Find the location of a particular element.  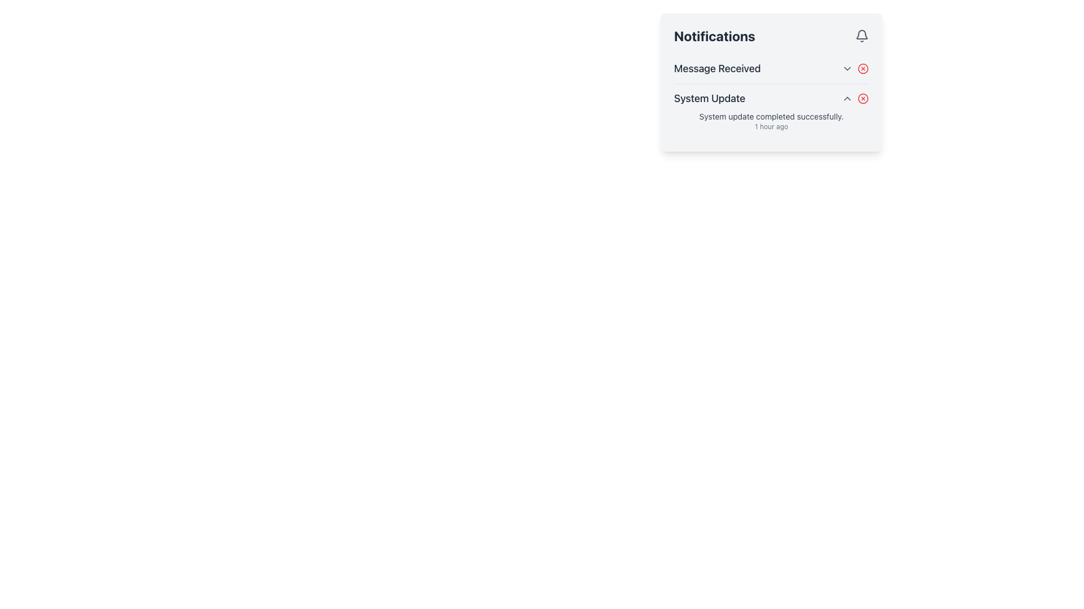

the control group associated with the 'System Update' feature, located to the far right of the text indicating 'System Update' is located at coordinates (855, 98).